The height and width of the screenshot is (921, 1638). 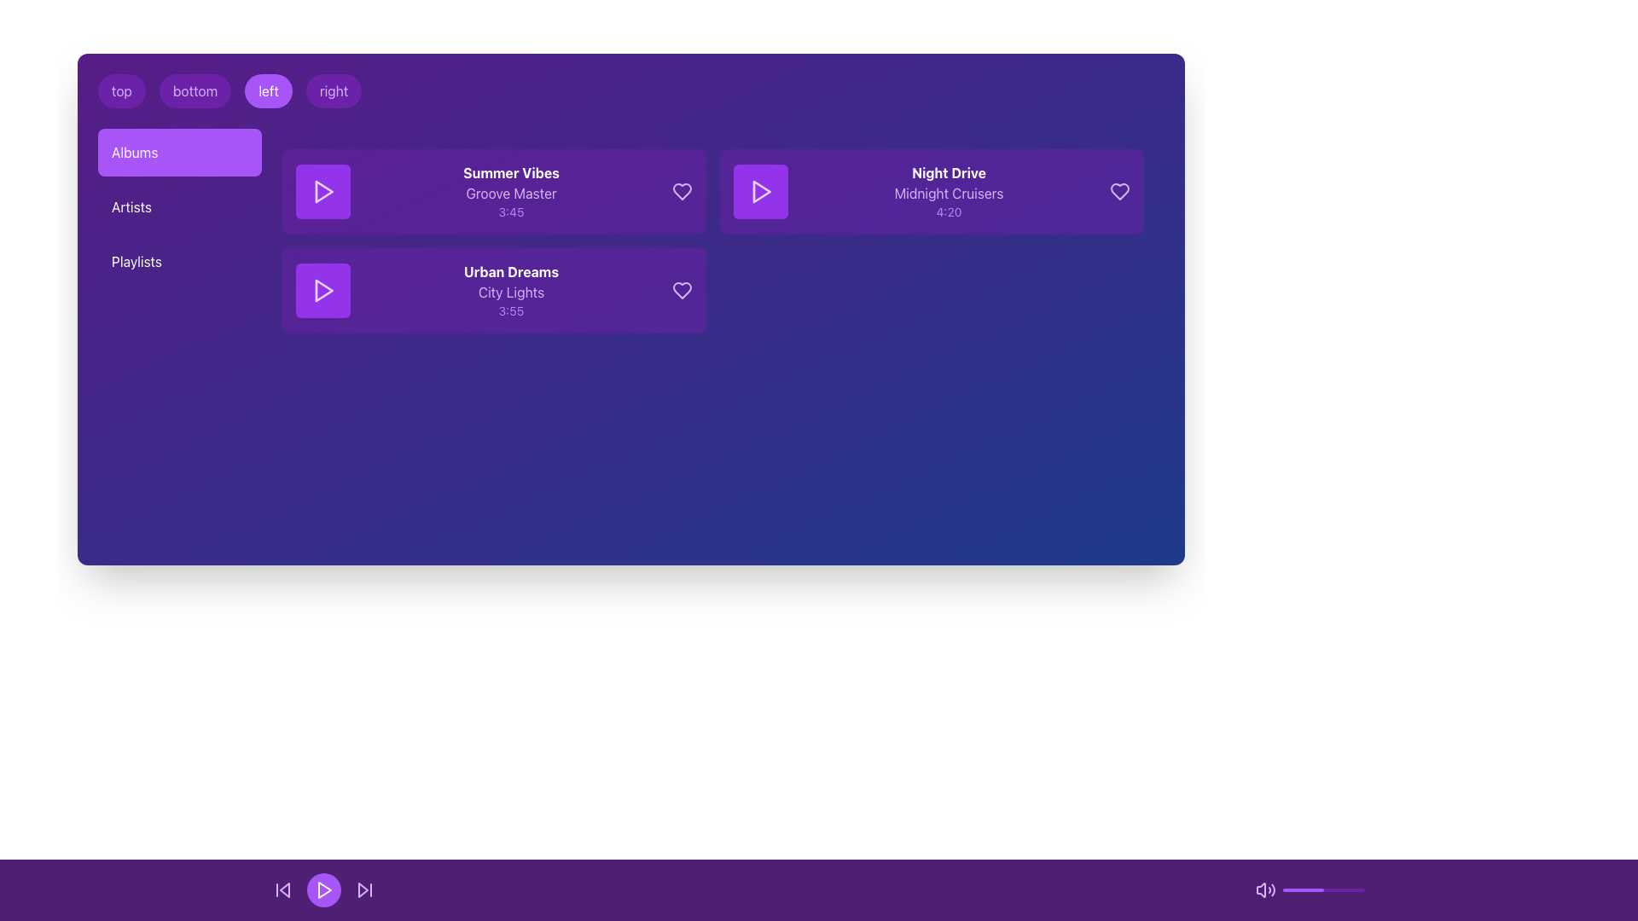 What do you see at coordinates (180, 206) in the screenshot?
I see `the 'Artists' button located below 'Albums' and above 'Playlists' in the left section of the interface` at bounding box center [180, 206].